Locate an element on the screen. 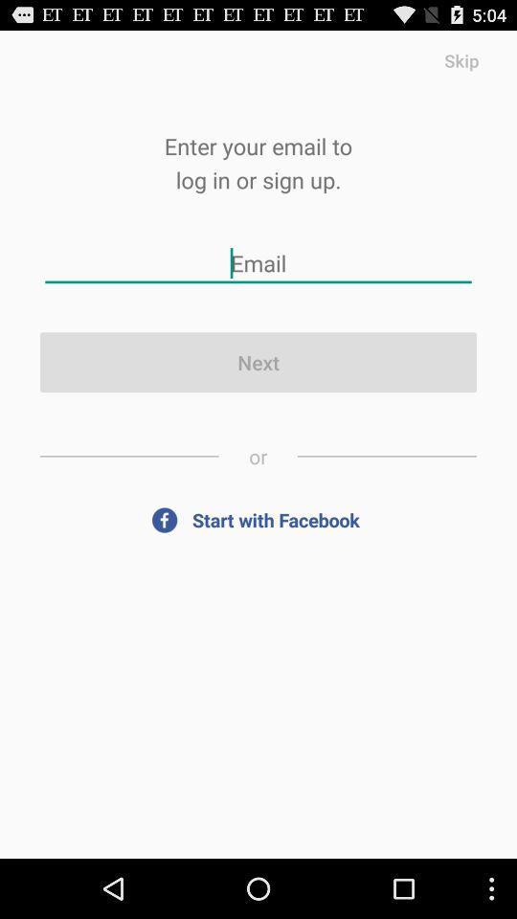 This screenshot has width=517, height=919. app below the or item is located at coordinates (258, 520).